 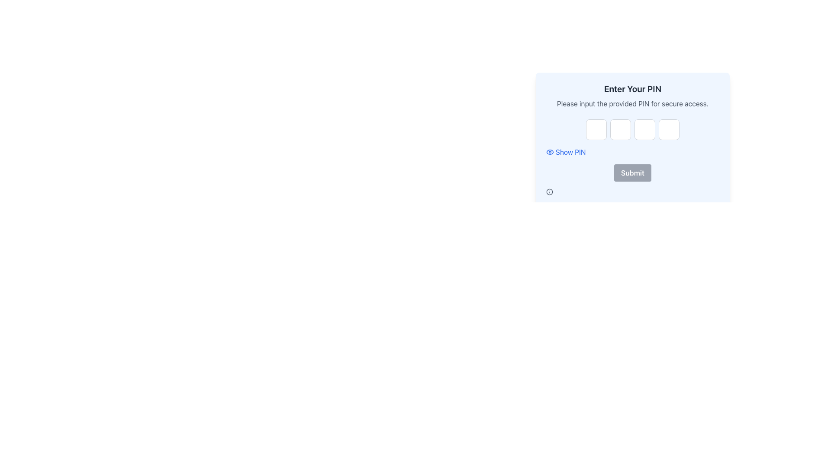 I want to click on the third password input field with a light grey border and blue focus ring to focus it, so click(x=644, y=130).